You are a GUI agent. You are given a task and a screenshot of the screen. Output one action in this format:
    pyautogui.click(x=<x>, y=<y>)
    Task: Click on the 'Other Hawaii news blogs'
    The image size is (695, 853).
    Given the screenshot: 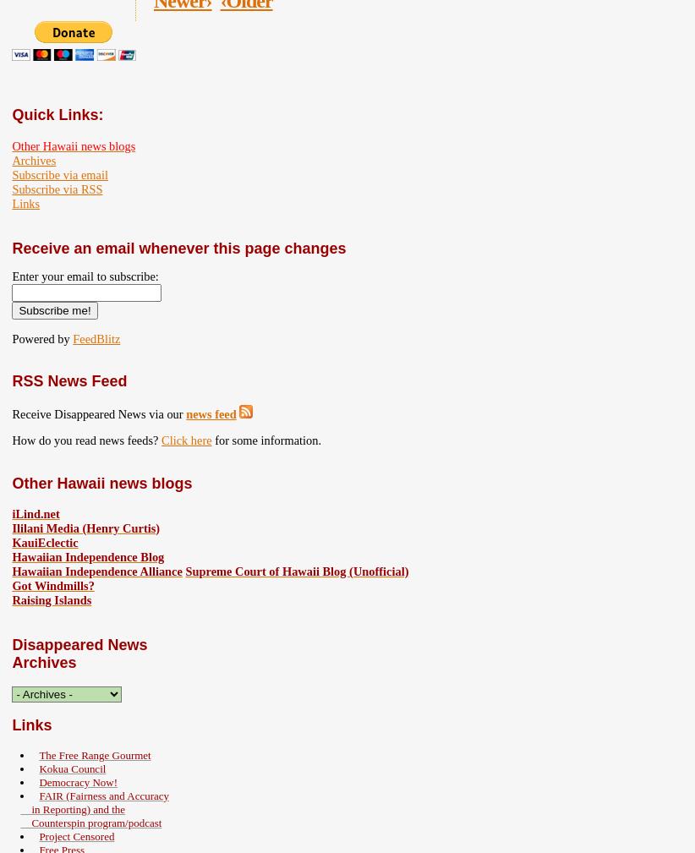 What is the action you would take?
    pyautogui.click(x=101, y=482)
    